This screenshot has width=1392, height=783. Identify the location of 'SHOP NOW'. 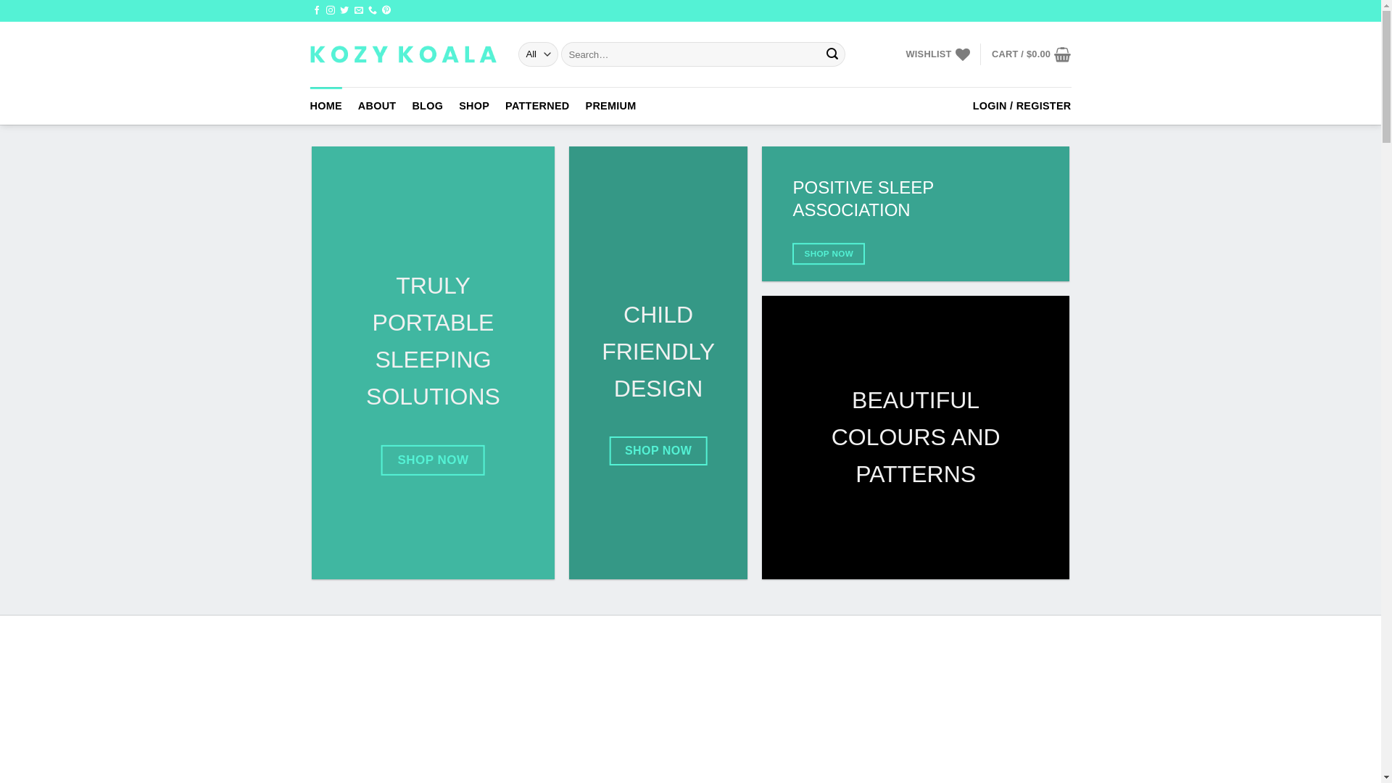
(828, 253).